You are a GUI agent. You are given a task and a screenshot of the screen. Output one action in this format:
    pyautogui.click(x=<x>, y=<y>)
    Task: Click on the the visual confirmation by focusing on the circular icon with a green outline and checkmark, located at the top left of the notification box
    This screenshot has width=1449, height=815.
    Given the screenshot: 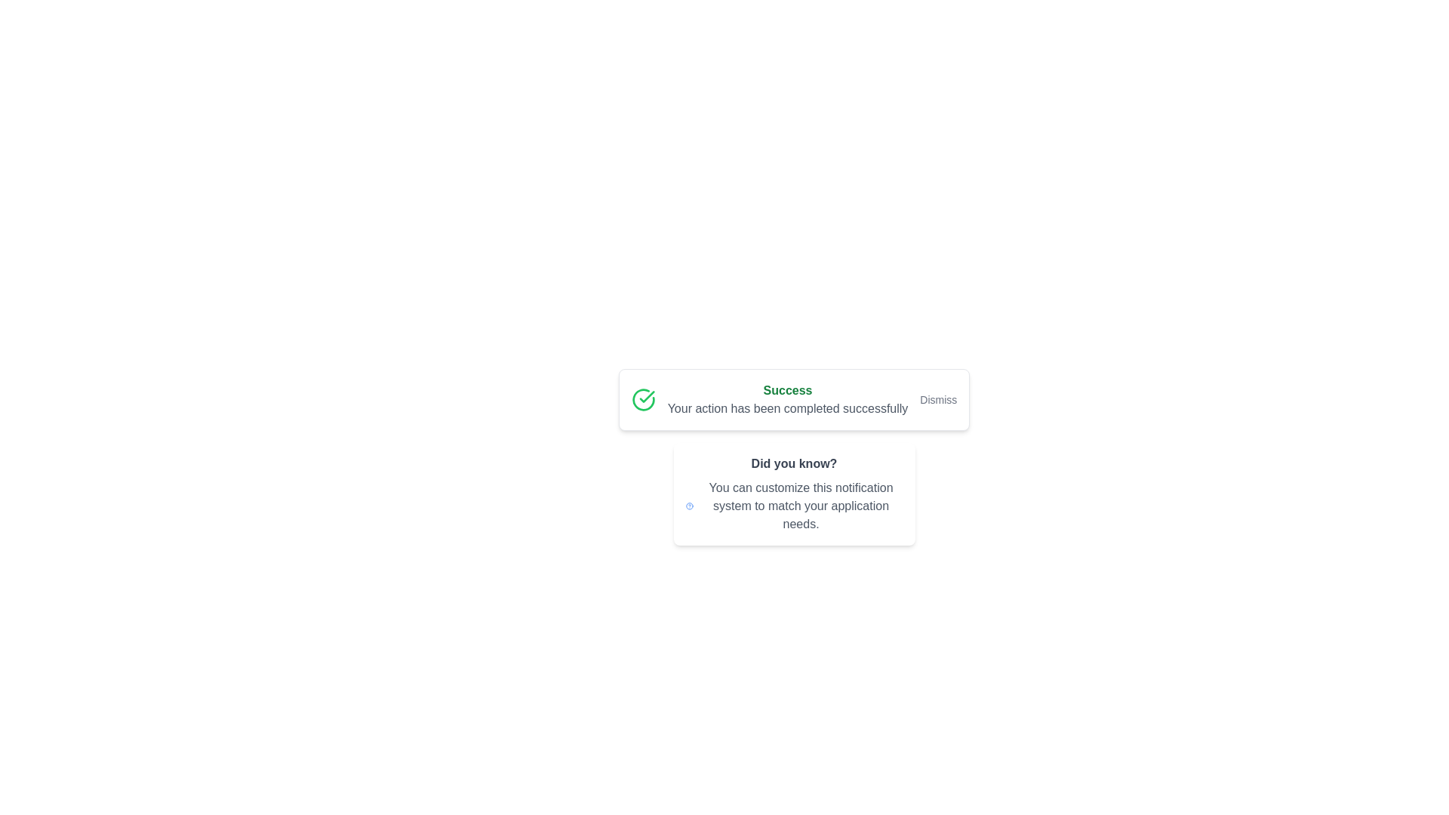 What is the action you would take?
    pyautogui.click(x=643, y=398)
    